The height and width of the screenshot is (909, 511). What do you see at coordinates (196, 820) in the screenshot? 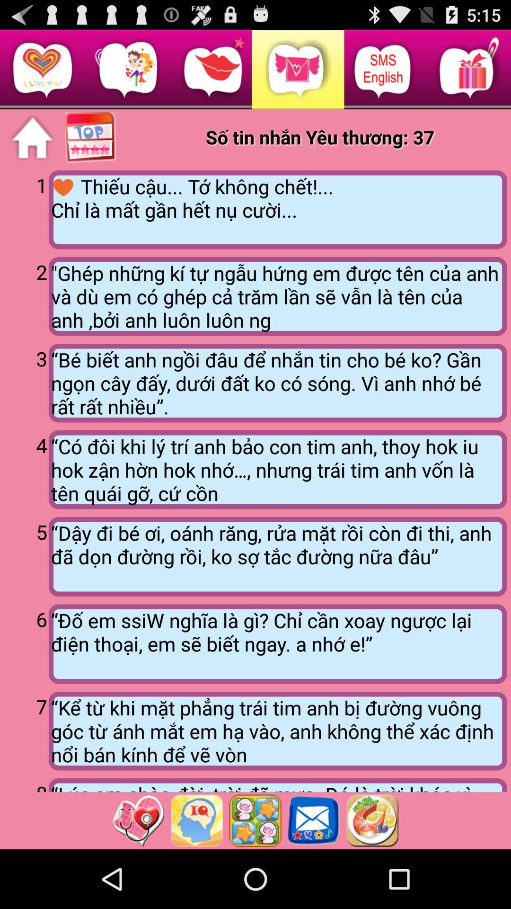
I see `man mind` at bounding box center [196, 820].